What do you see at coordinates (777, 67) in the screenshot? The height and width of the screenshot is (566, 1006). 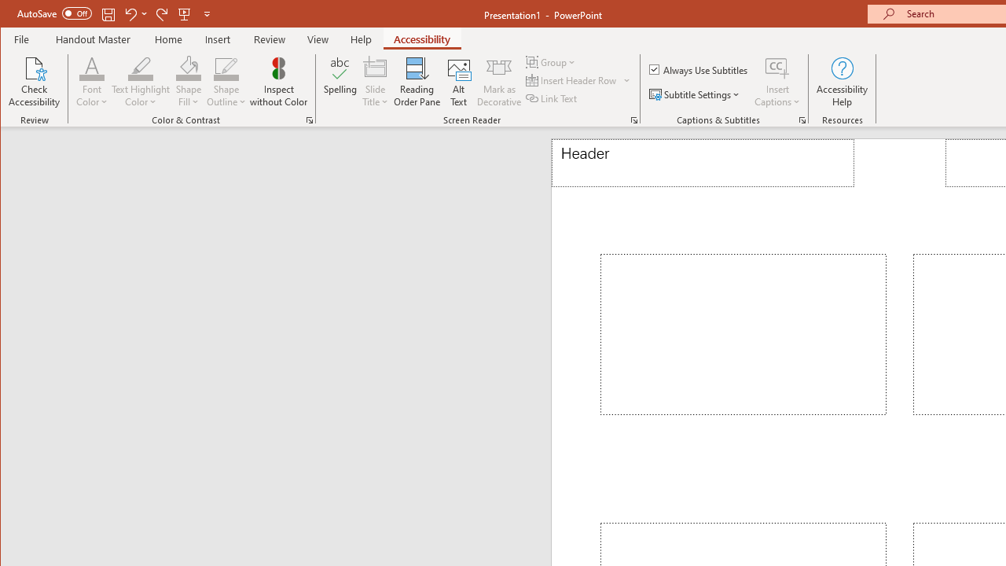 I see `'Insert Captions'` at bounding box center [777, 67].